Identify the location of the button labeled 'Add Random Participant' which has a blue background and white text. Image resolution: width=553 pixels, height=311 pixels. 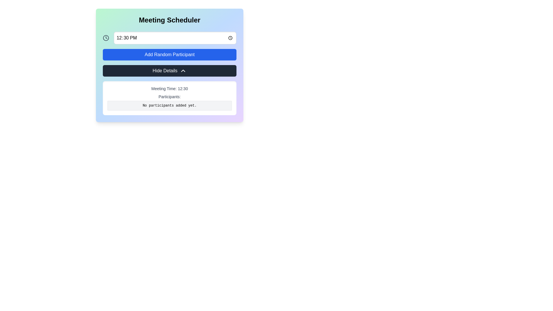
(169, 54).